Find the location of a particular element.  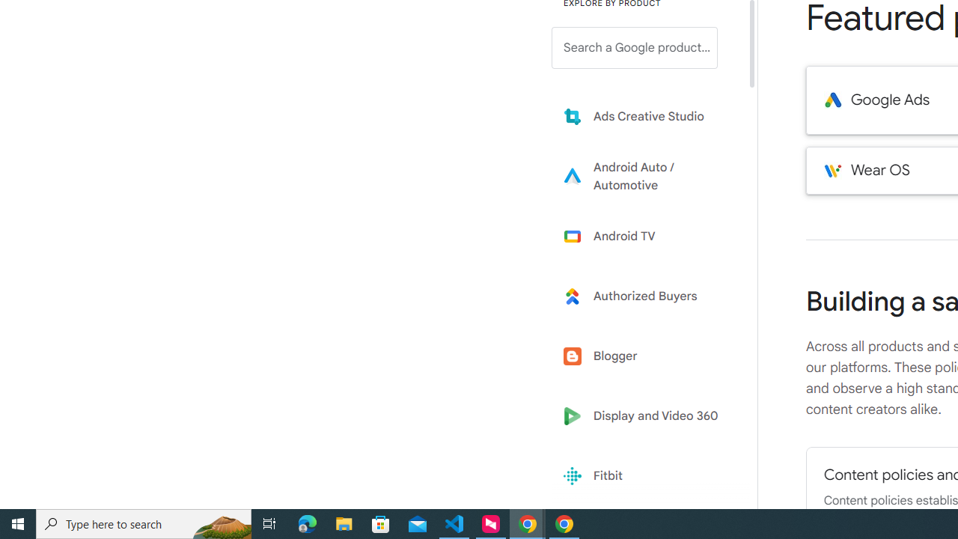

'Blogger' is located at coordinates (645, 356).